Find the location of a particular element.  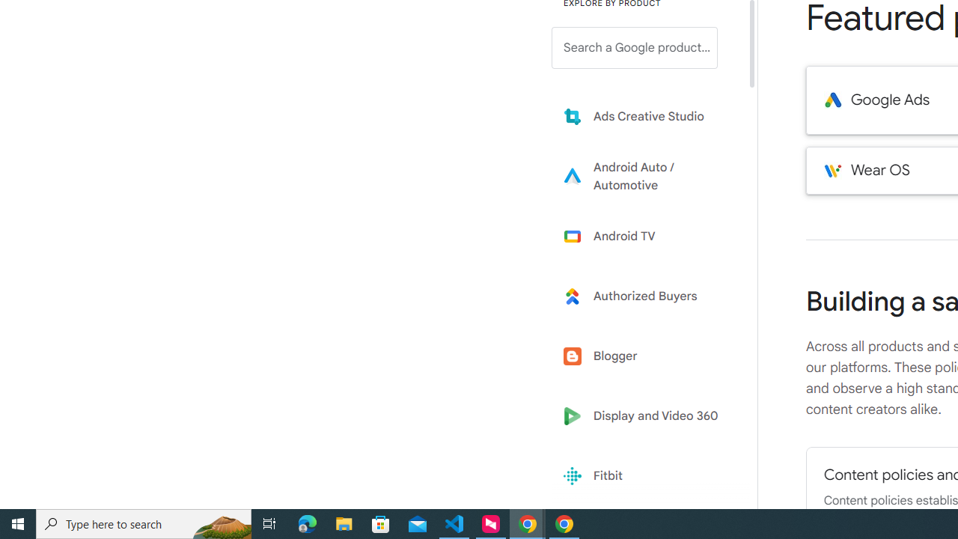

'Blogger' is located at coordinates (645, 356).